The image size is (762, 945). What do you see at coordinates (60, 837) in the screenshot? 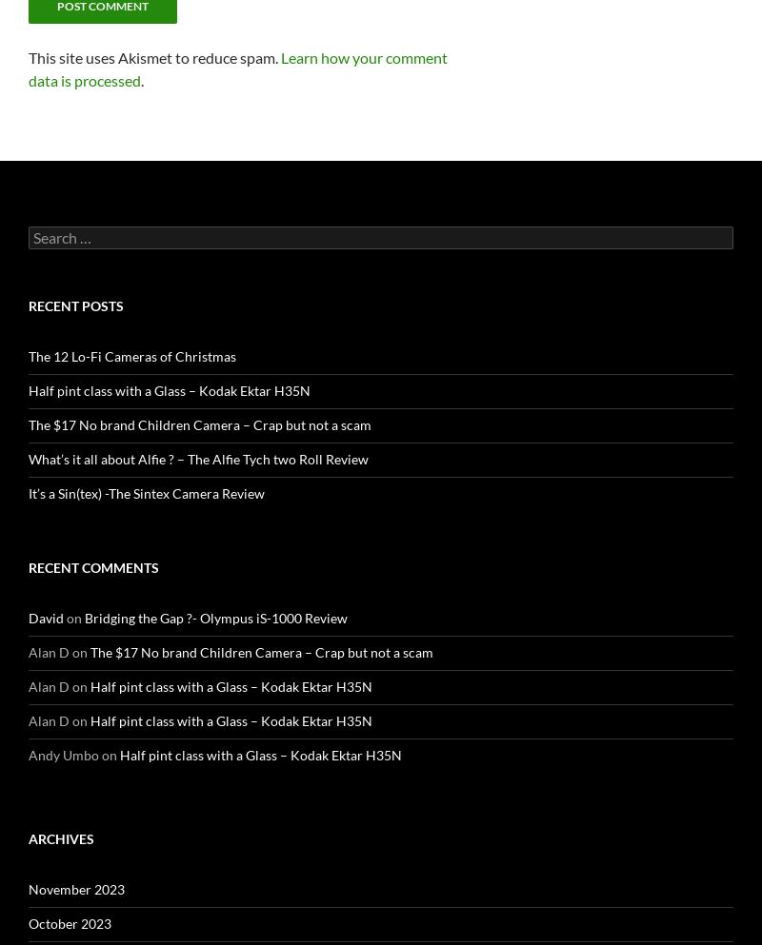
I see `'Archives'` at bounding box center [60, 837].